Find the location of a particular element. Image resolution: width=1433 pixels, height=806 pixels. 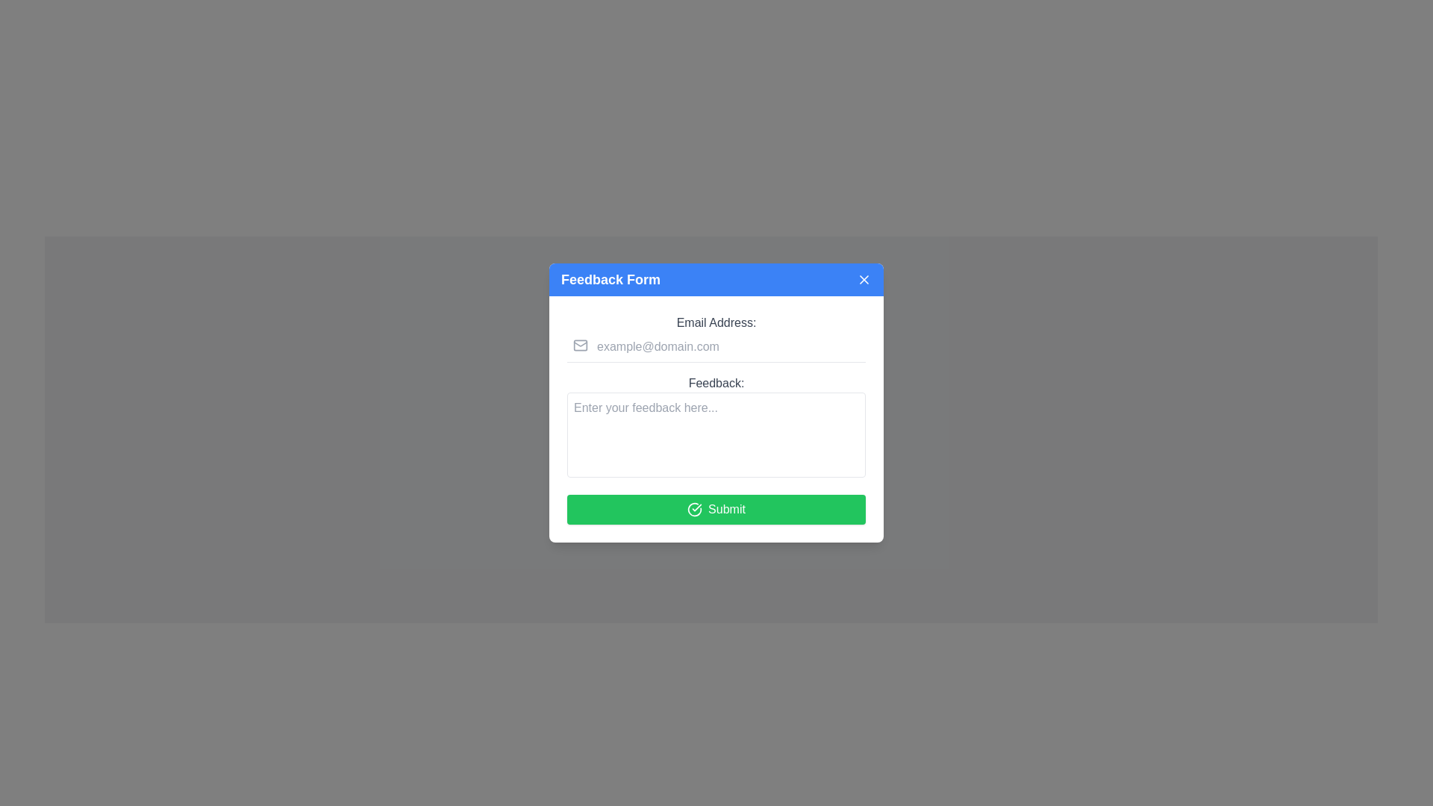

the 'Submit' text label which is displayed in white font on a green button background, located at the center bottom of the modal, to the right of a circular checkmark icon is located at coordinates (727, 508).